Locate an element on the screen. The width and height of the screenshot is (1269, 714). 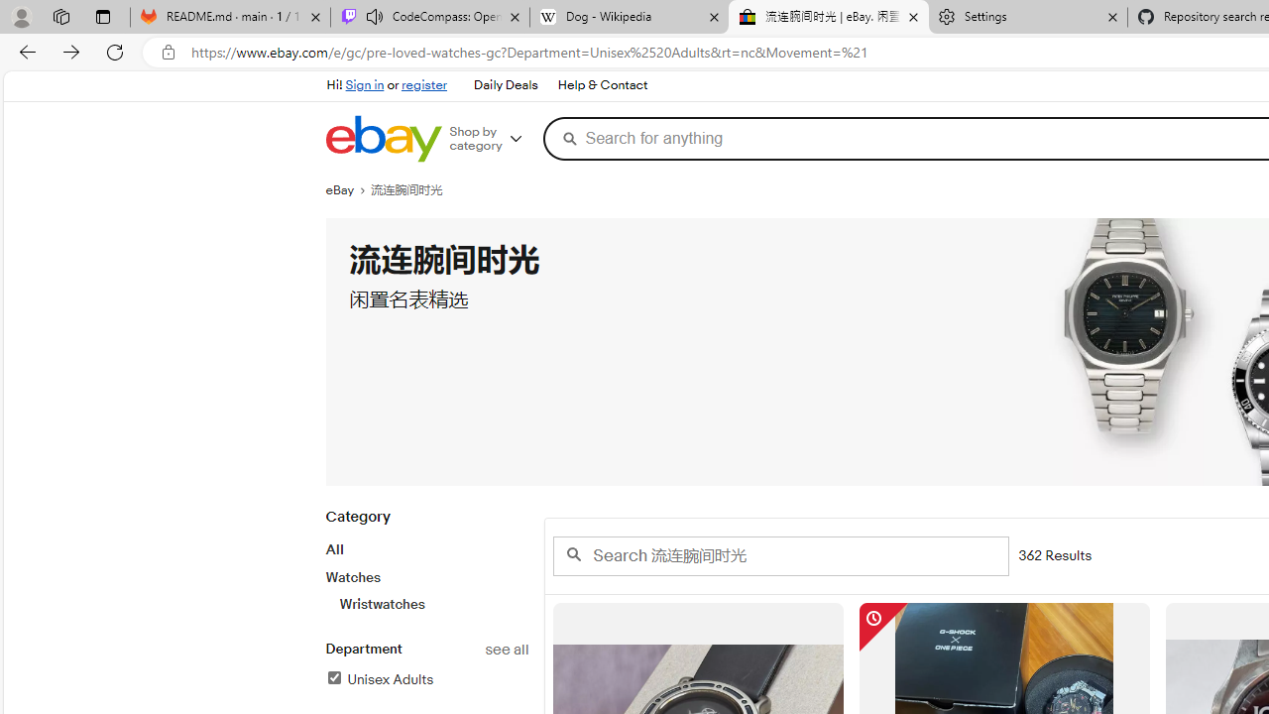
'Unisex AdultsFilter Applied' is located at coordinates (425, 679).